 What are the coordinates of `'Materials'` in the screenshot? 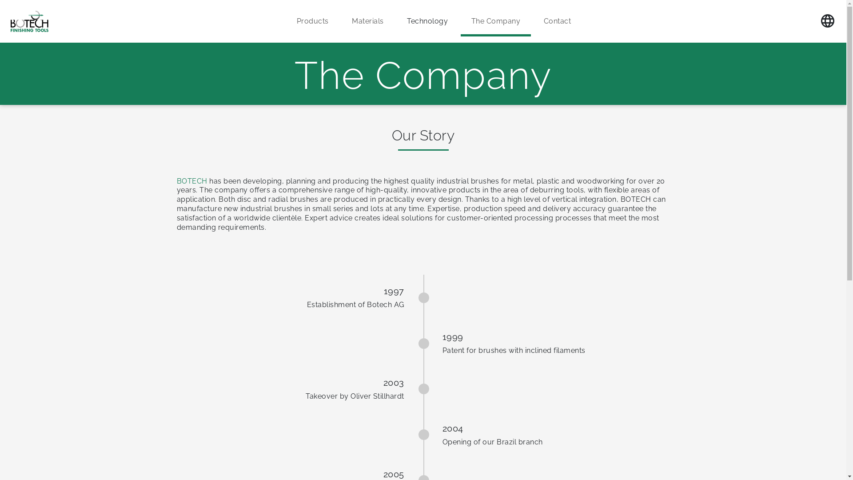 It's located at (341, 21).